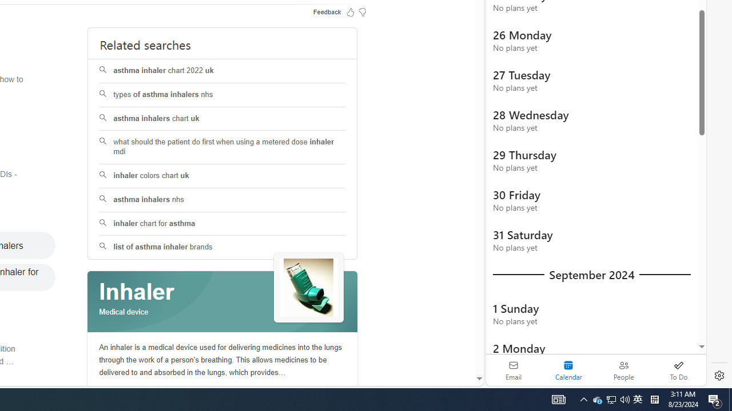  I want to click on 'inhaler chart for asthma', so click(222, 224).